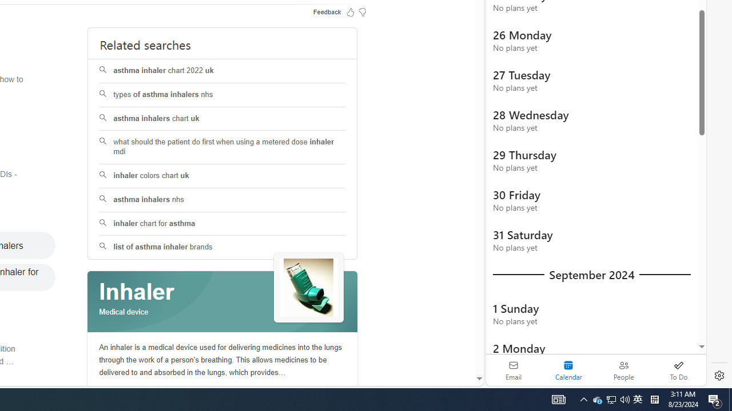  I want to click on 'inhaler chart for asthma', so click(222, 224).